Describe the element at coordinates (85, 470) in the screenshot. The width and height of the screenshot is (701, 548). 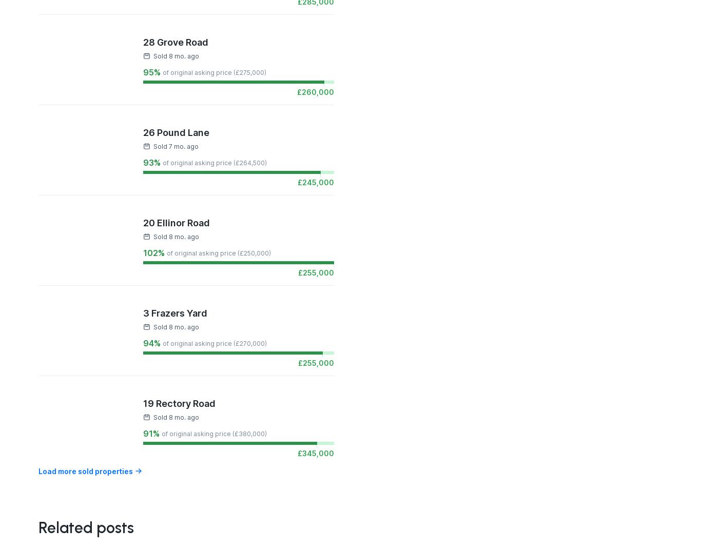
I see `'Load more sold properties'` at that location.